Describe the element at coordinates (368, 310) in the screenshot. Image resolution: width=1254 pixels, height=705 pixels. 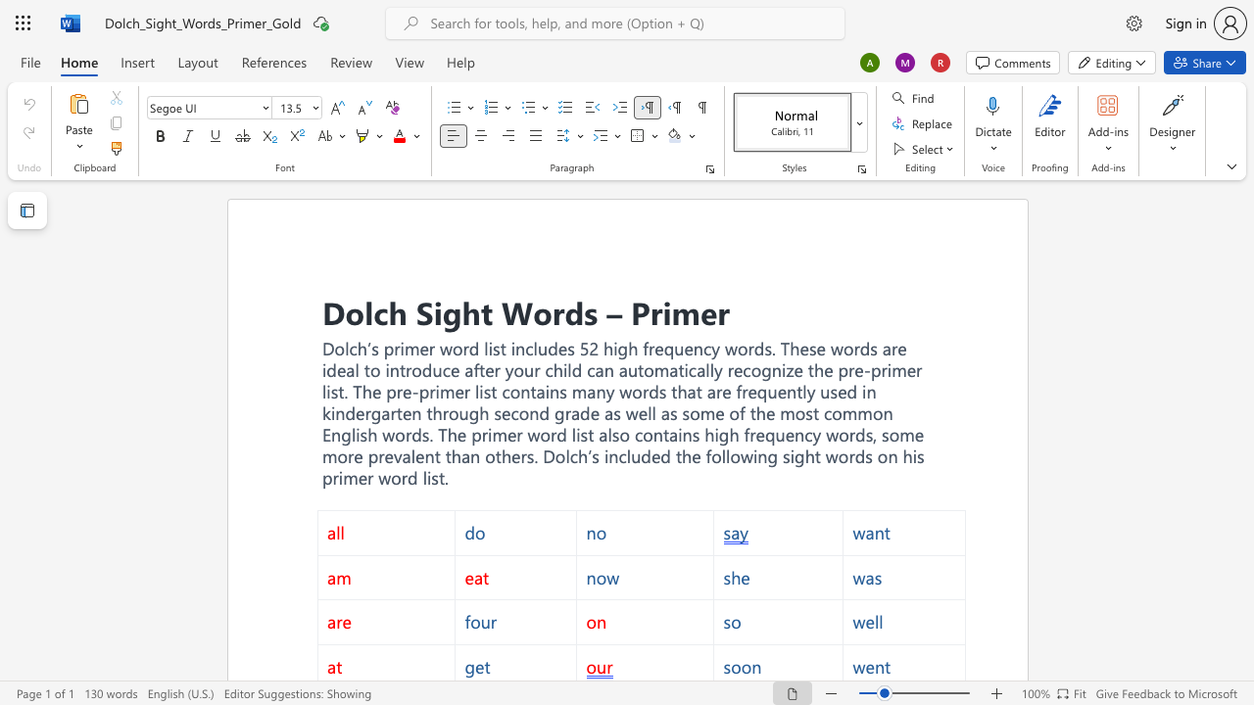
I see `the 1th character "l" in the text` at that location.